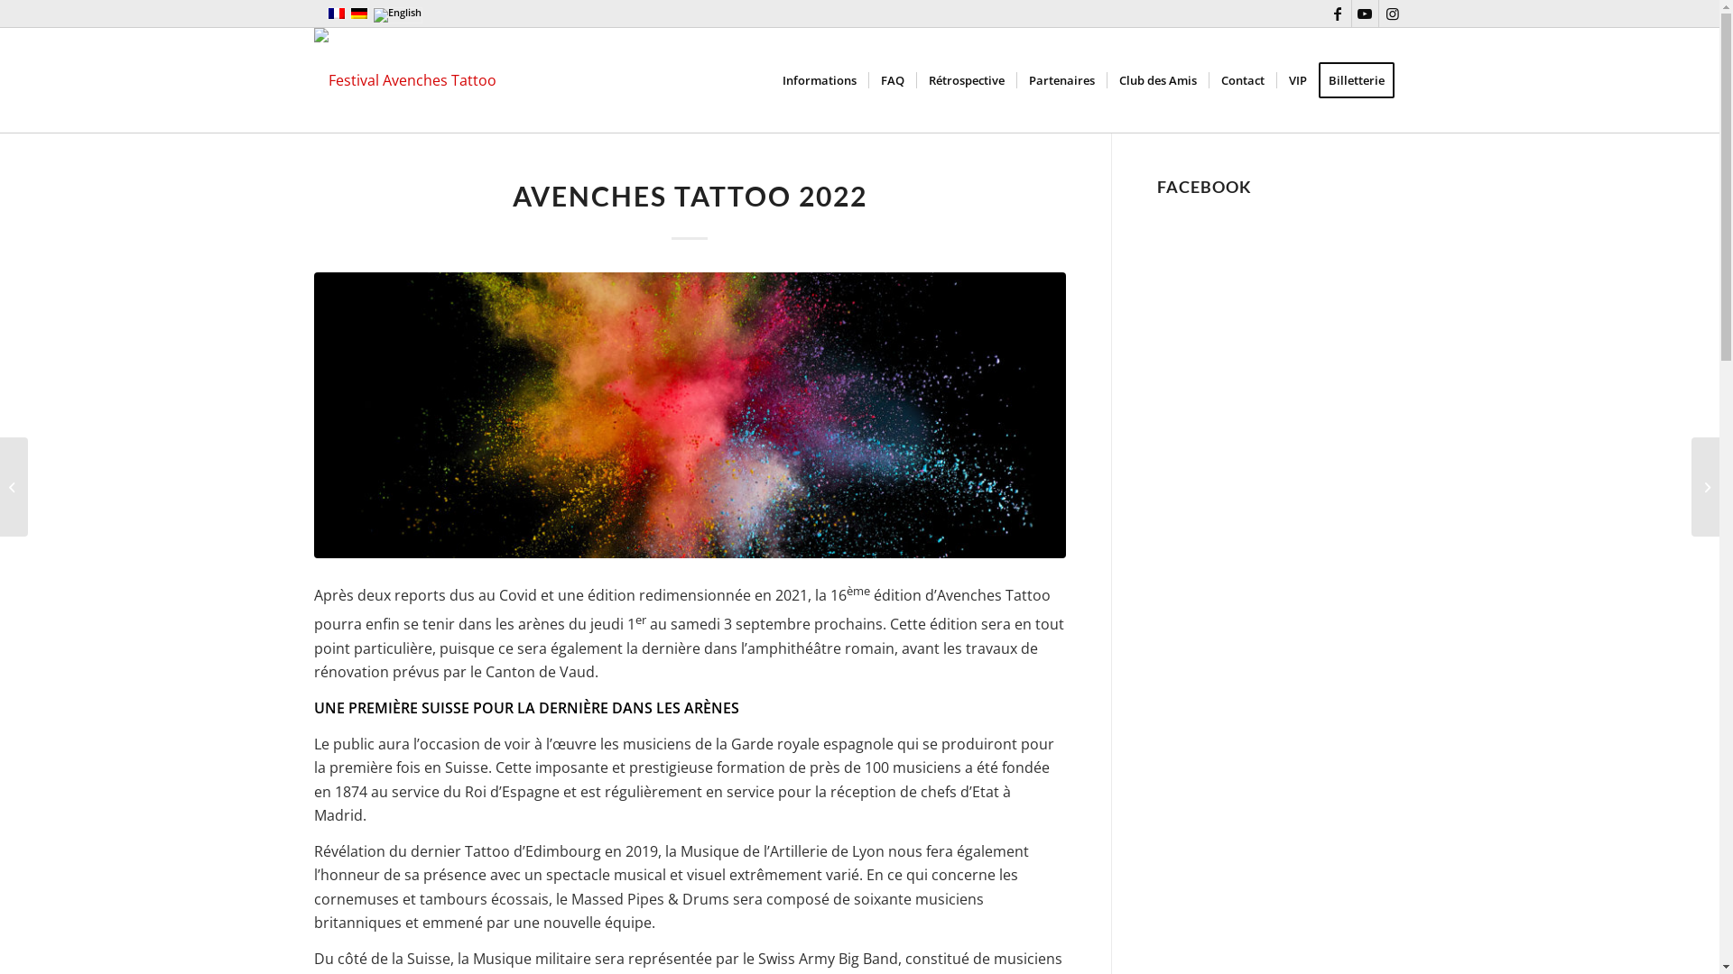 The height and width of the screenshot is (974, 1733). Describe the element at coordinates (1296, 78) in the screenshot. I see `'VIP'` at that location.